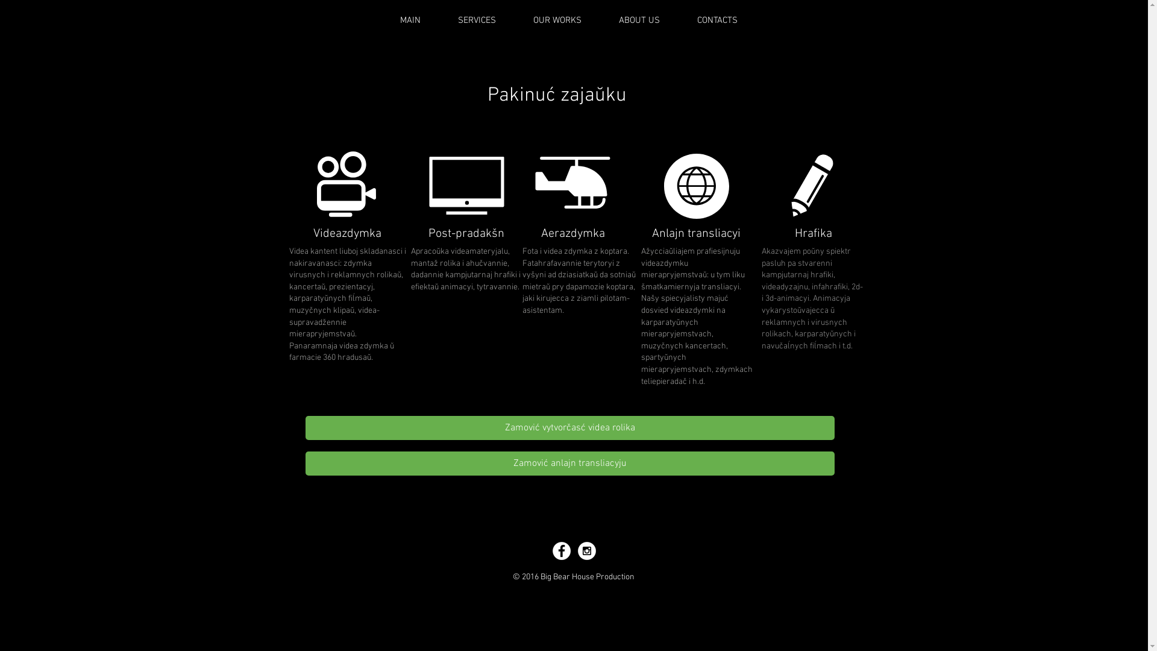 Image resolution: width=1157 pixels, height=651 pixels. What do you see at coordinates (717, 20) in the screenshot?
I see `'CONTACTS'` at bounding box center [717, 20].